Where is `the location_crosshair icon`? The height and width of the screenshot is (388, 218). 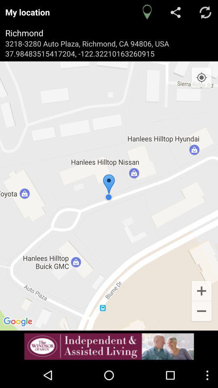
the location_crosshair icon is located at coordinates (201, 83).